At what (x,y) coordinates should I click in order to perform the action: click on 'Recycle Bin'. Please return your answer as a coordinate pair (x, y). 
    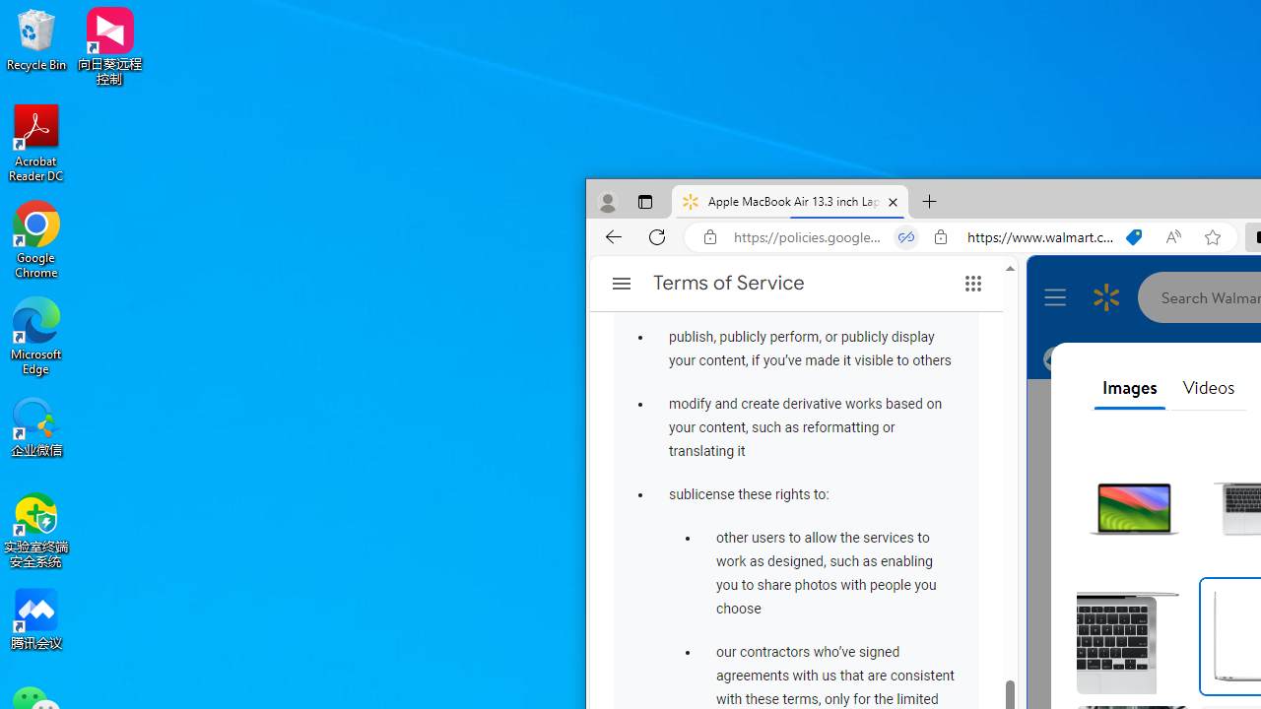
    Looking at the image, I should click on (36, 38).